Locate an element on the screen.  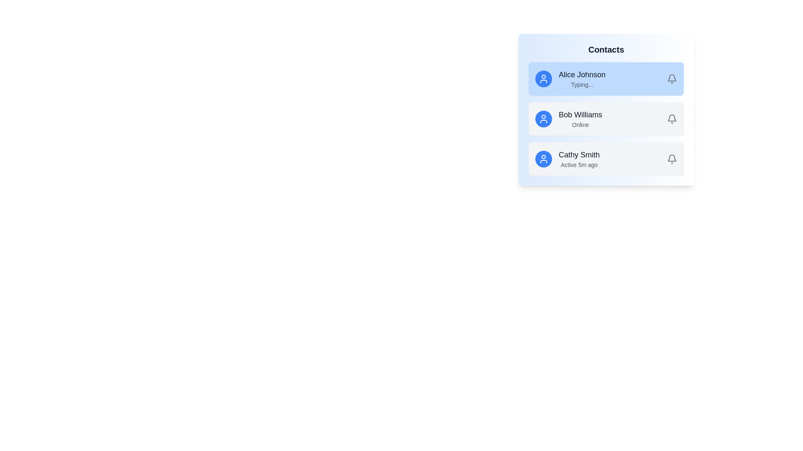
the text display of the contact 'Bob Williams', which is the second item in the contact list, positioned above 'Cathy Smith Active 5m ago' is located at coordinates (580, 119).